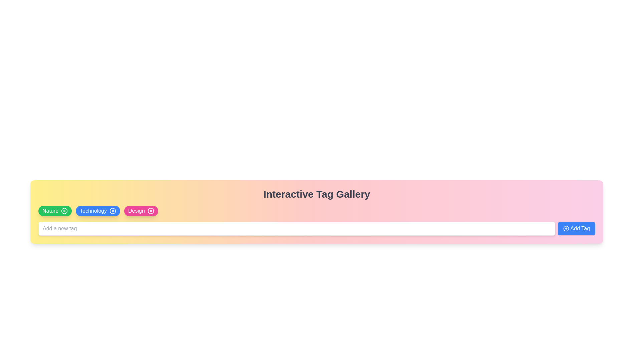 The width and height of the screenshot is (641, 360). I want to click on the Icon button resembling an outlined circle with a cross inside, located to the right of the 'Design' label in a rounded rectangular button, so click(150, 211).